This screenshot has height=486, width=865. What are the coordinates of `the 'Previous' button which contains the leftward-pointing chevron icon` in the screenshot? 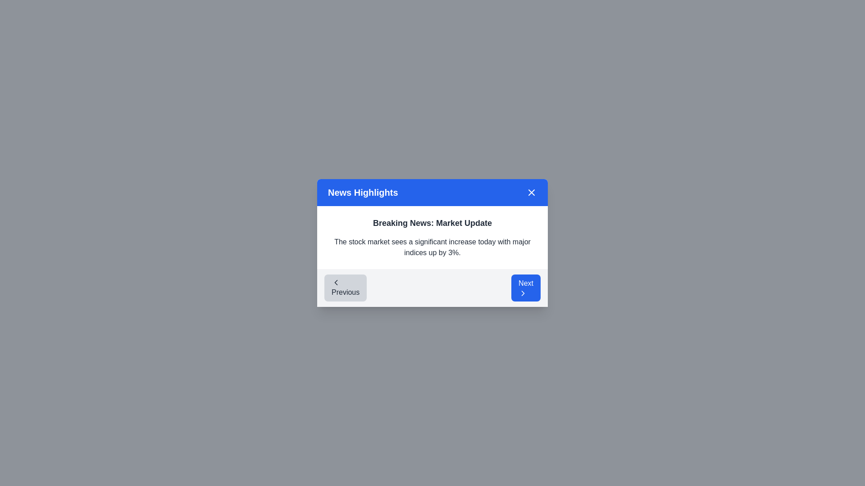 It's located at (335, 282).